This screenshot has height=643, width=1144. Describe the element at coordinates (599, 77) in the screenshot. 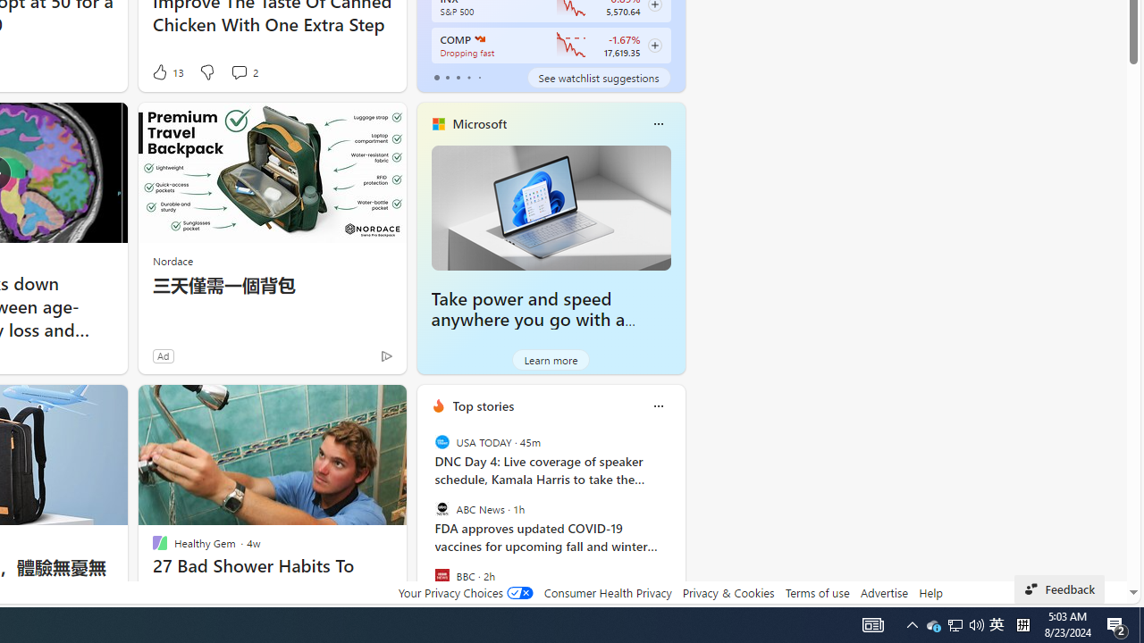

I see `'See watchlist suggestions'` at that location.